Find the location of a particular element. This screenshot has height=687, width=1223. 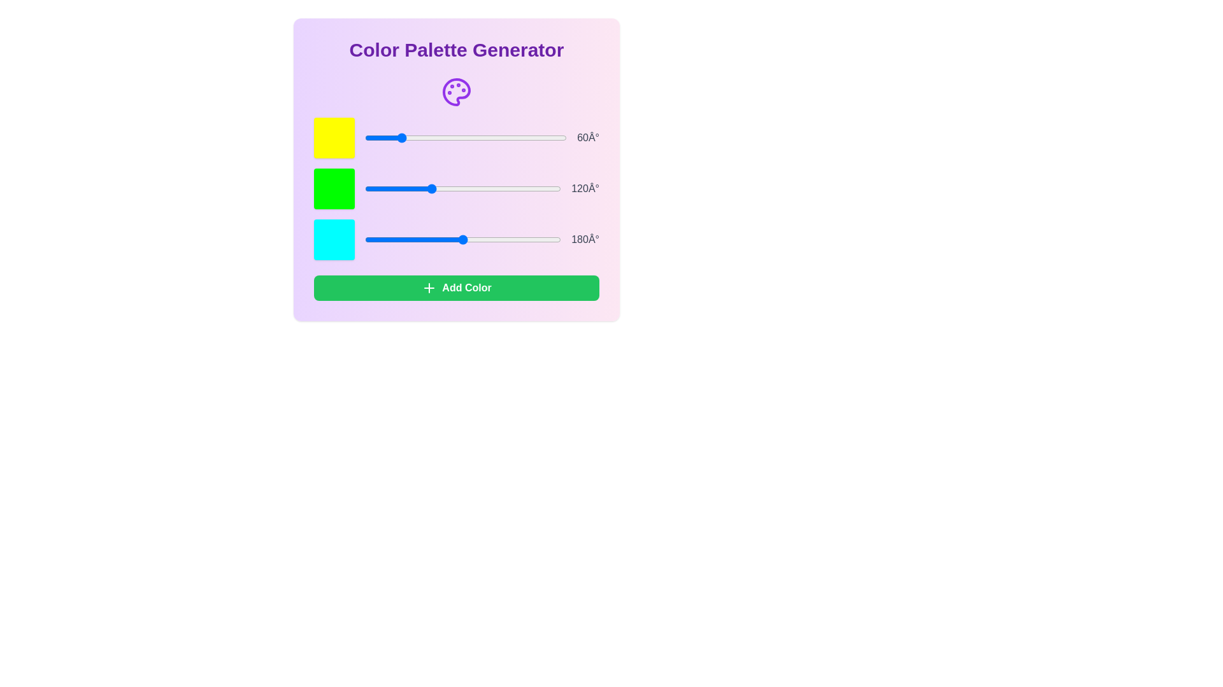

the color square representing green is located at coordinates (334, 189).